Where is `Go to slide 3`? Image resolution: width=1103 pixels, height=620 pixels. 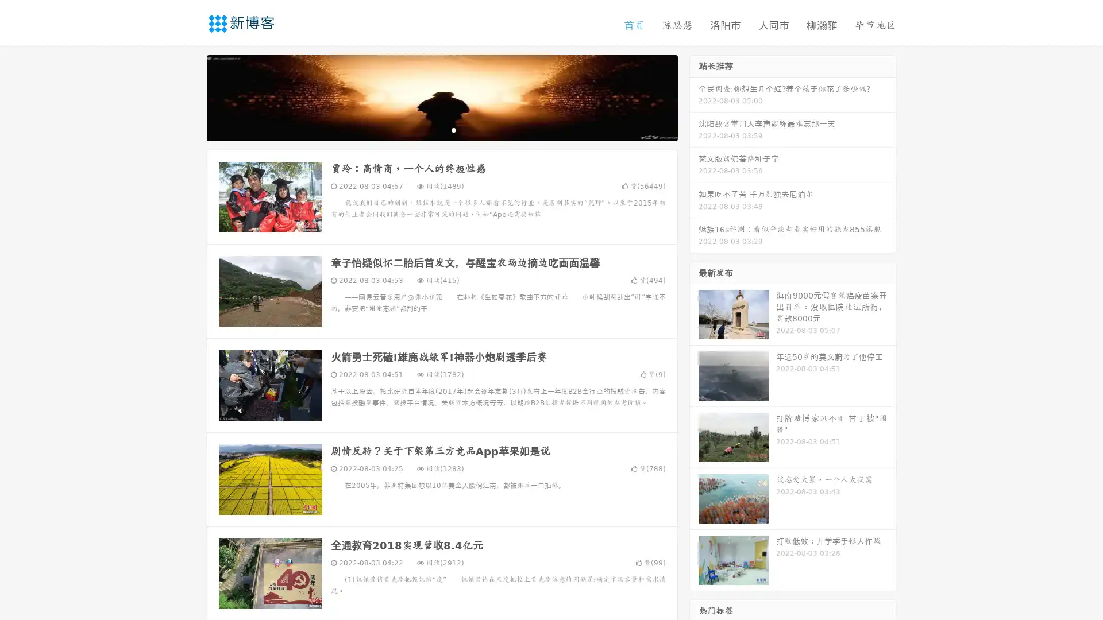 Go to slide 3 is located at coordinates (453, 129).